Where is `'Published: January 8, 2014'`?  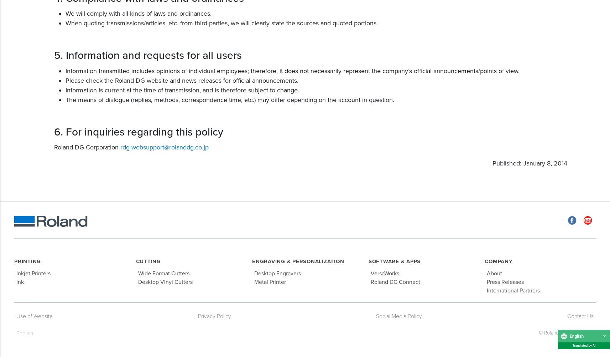
'Published: January 8, 2014' is located at coordinates (492, 163).